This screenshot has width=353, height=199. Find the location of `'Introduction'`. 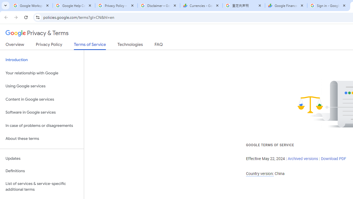

'Introduction' is located at coordinates (42, 60).